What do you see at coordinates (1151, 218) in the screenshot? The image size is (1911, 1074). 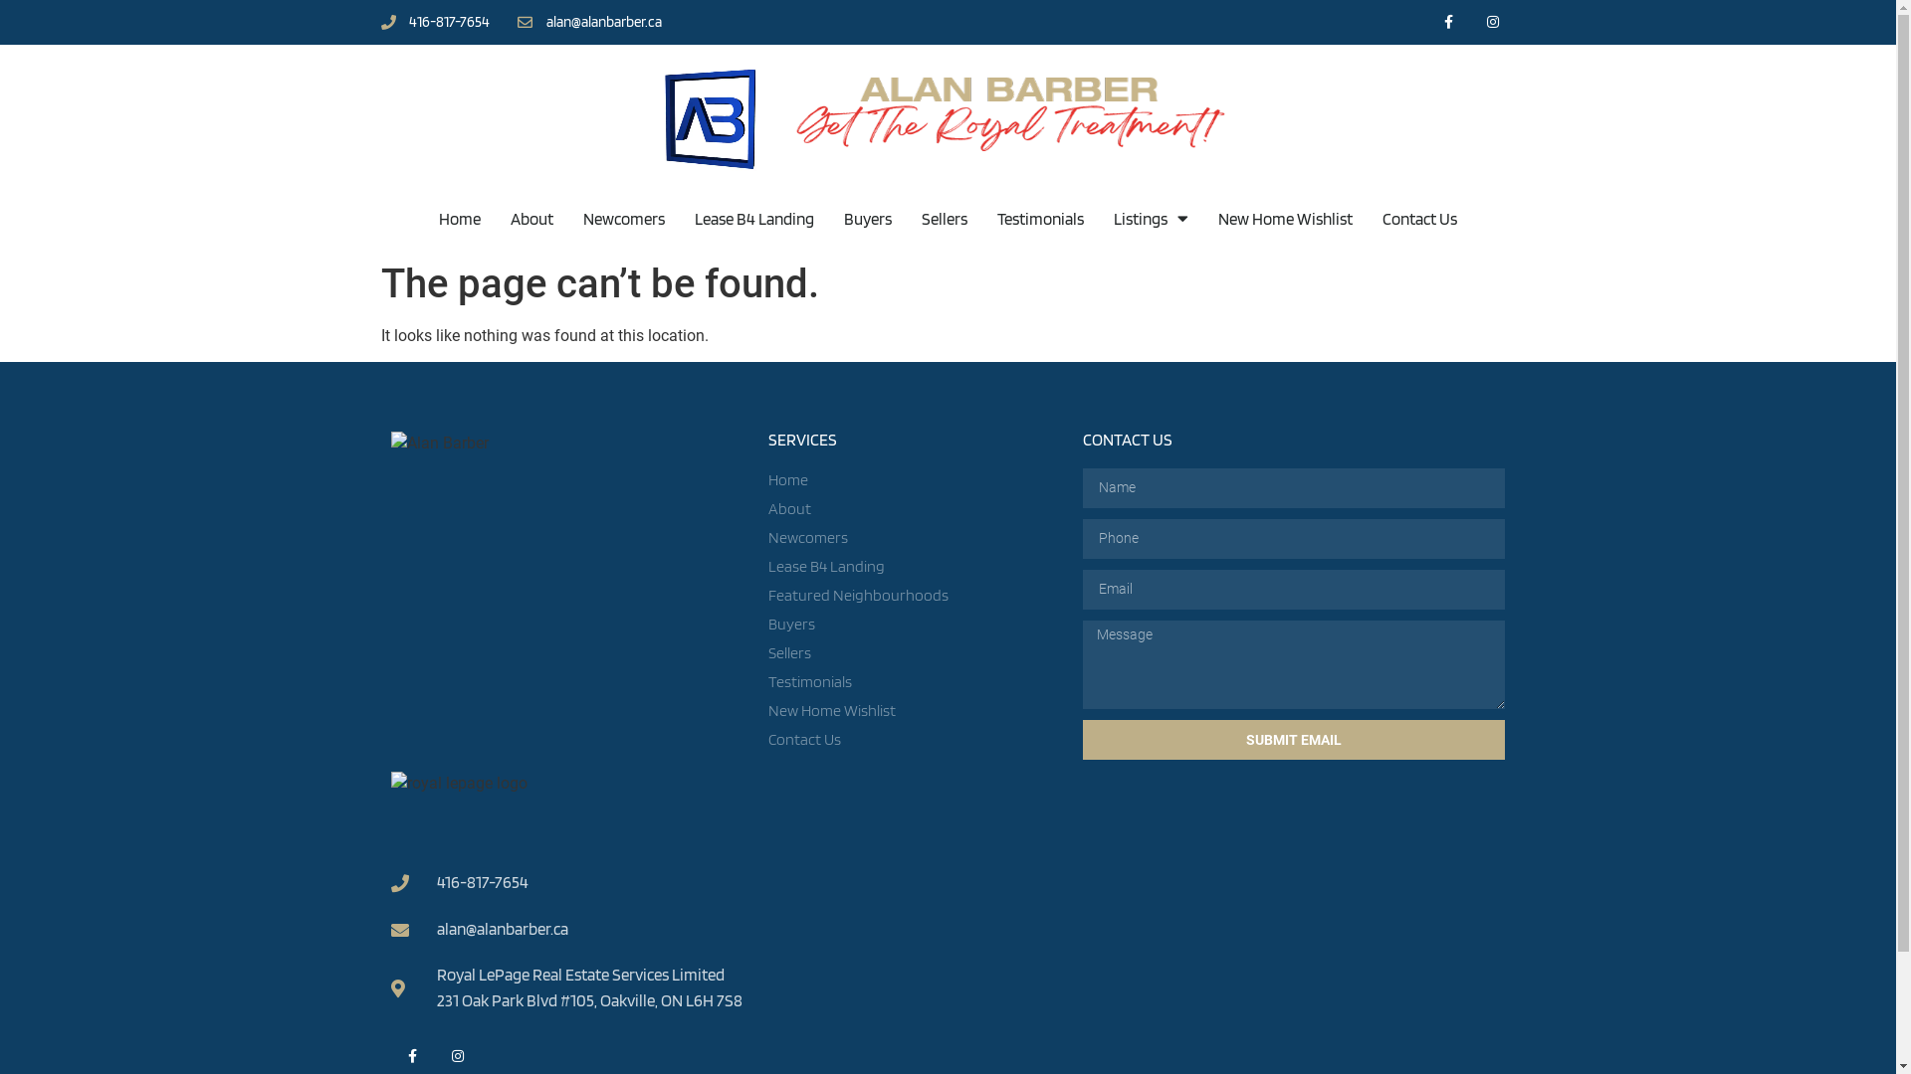 I see `'Listings'` at bounding box center [1151, 218].